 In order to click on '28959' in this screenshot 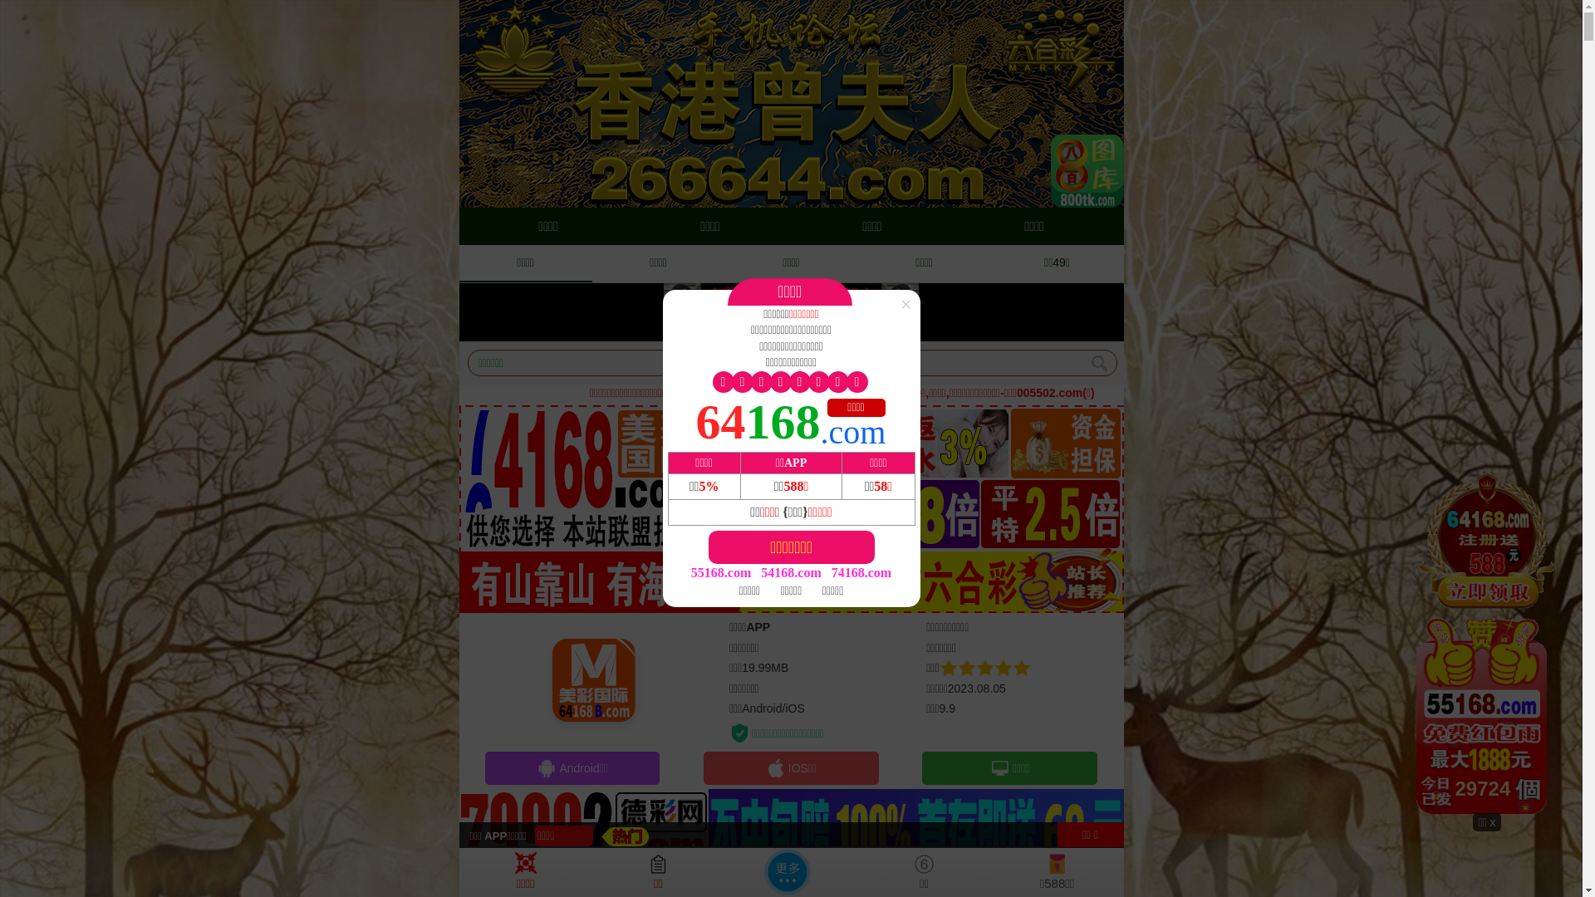, I will do `click(1487, 640)`.